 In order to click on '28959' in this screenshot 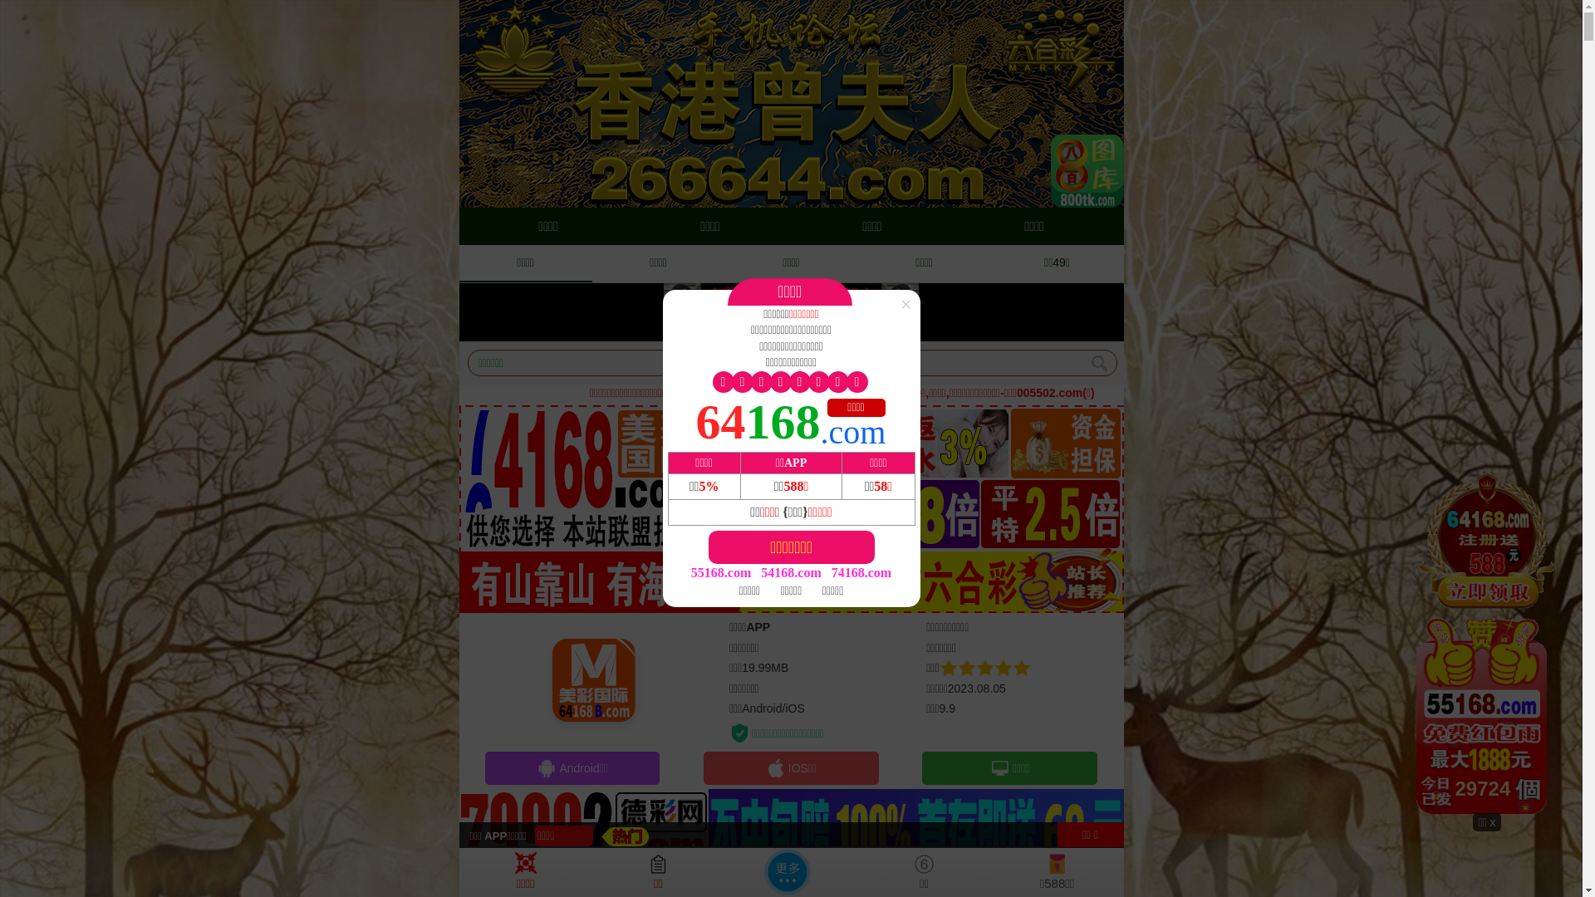, I will do `click(1487, 640)`.